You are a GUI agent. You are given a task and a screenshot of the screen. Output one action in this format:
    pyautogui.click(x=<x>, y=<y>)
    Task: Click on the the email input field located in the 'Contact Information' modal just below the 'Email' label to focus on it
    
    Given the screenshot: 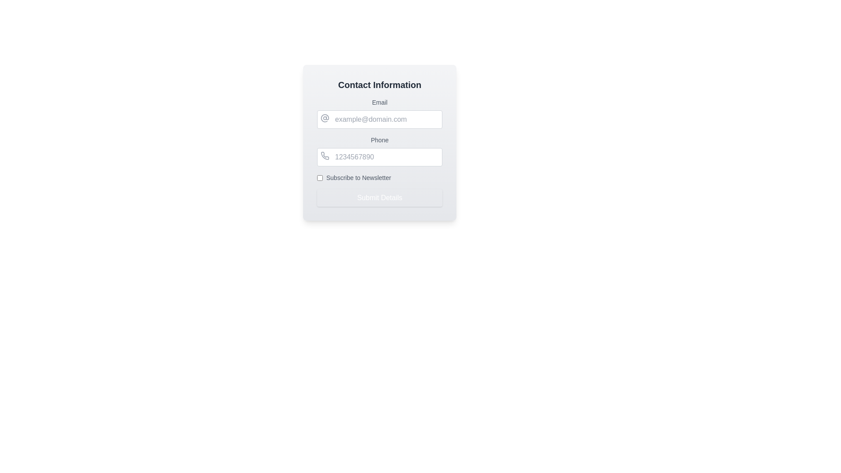 What is the action you would take?
    pyautogui.click(x=380, y=120)
    